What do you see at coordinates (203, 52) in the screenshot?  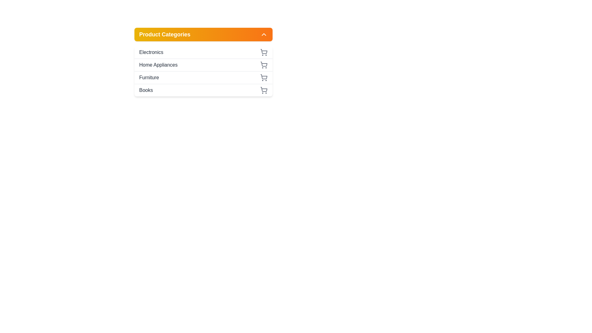 I see `the first list item labeled 'Electronics' in the 'Product Categories' section to interact with the category` at bounding box center [203, 52].